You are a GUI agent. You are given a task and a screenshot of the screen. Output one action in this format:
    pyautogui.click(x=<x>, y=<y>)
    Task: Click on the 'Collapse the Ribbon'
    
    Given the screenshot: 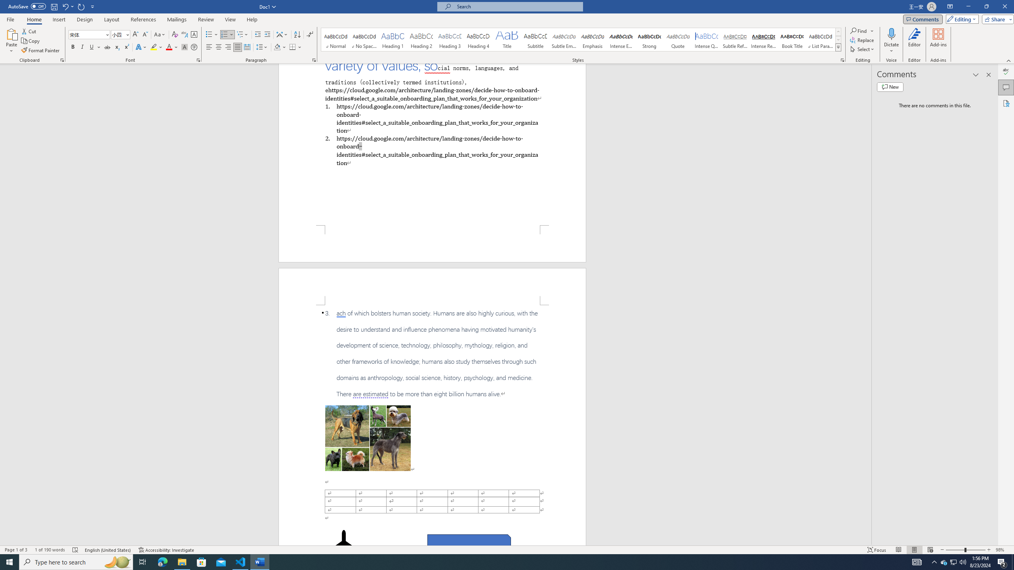 What is the action you would take?
    pyautogui.click(x=1009, y=61)
    